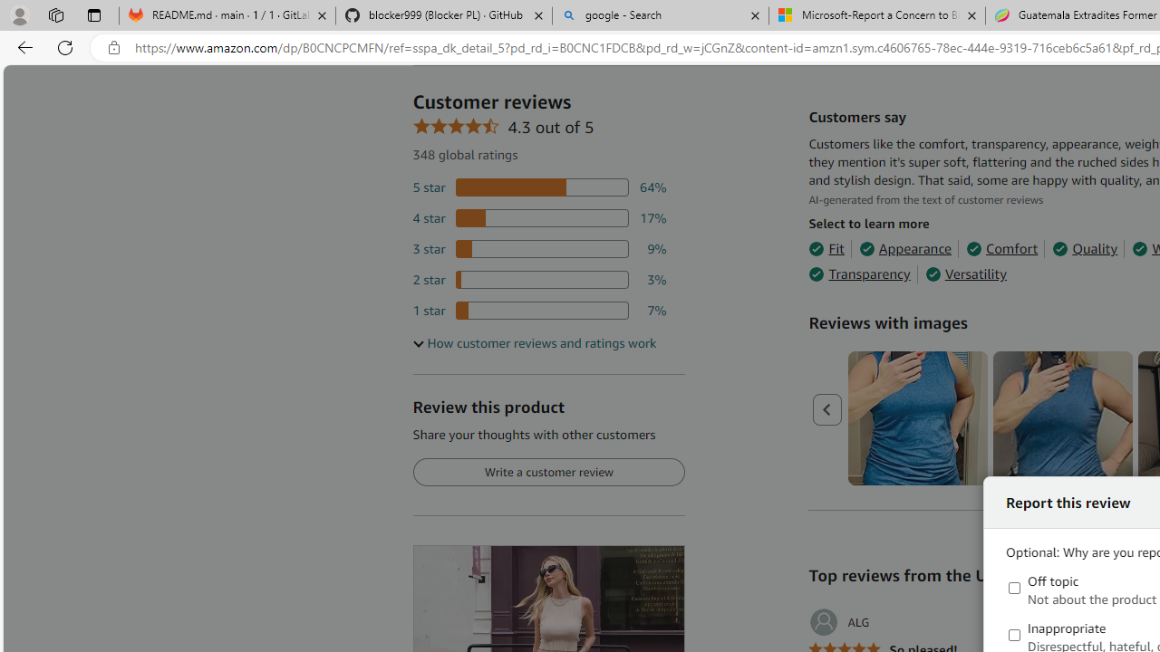 The image size is (1160, 652). What do you see at coordinates (547, 472) in the screenshot?
I see `'Write a customer review'` at bounding box center [547, 472].